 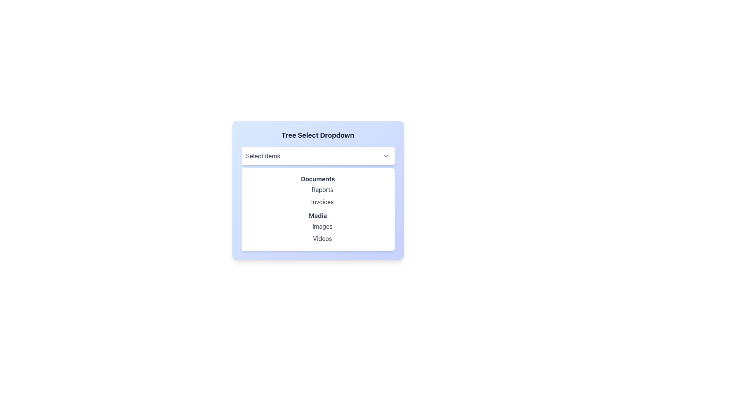 What do you see at coordinates (321, 189) in the screenshot?
I see `the 'Reports' text label in the dropdown menu` at bounding box center [321, 189].